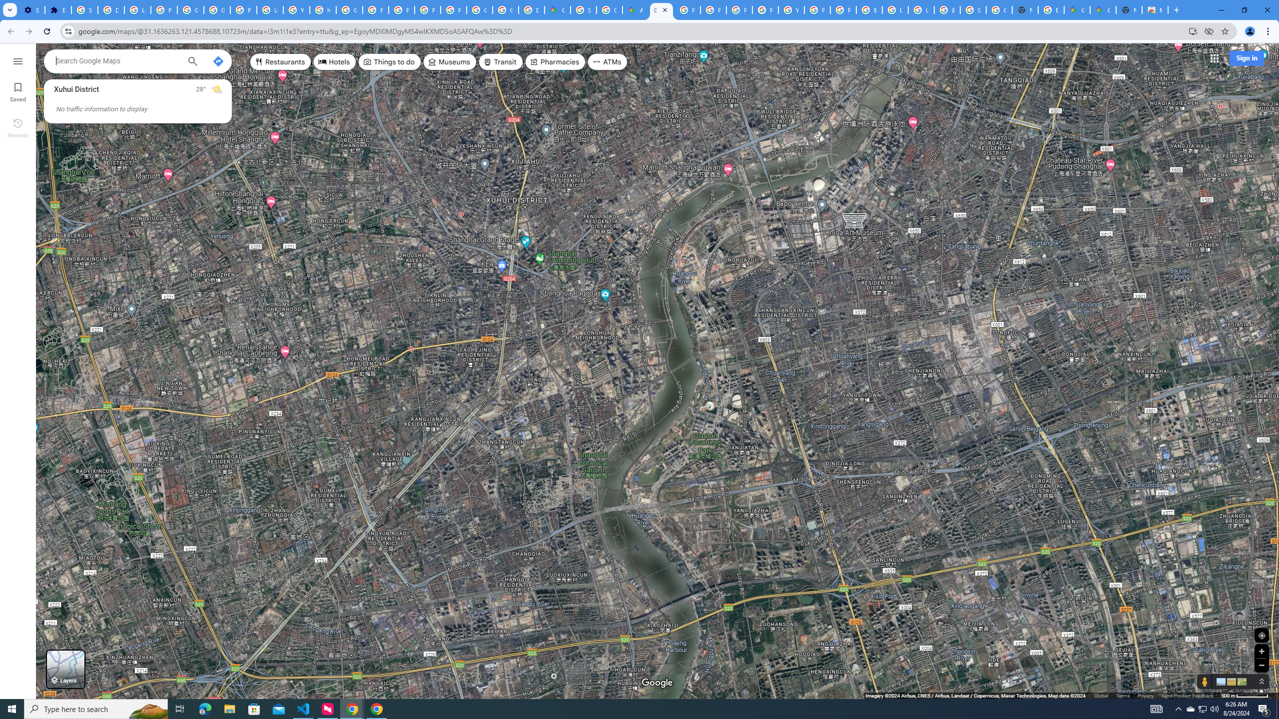  Describe the element at coordinates (608, 61) in the screenshot. I see `'ATMs'` at that location.